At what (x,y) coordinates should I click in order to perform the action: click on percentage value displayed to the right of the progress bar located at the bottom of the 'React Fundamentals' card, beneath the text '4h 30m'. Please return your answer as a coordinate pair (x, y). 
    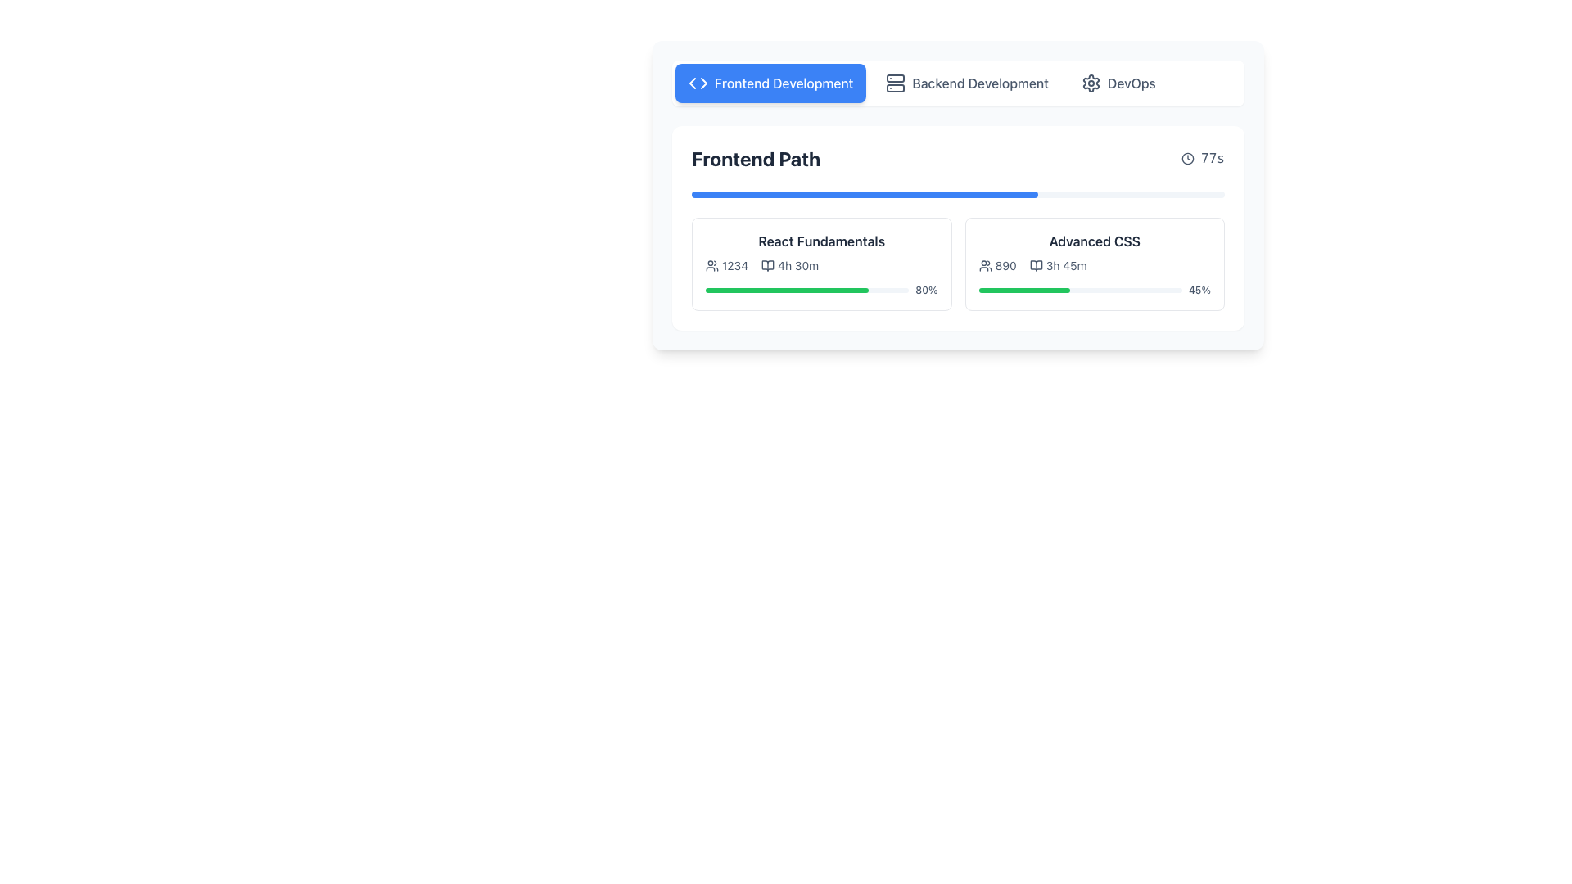
    Looking at the image, I should click on (821, 289).